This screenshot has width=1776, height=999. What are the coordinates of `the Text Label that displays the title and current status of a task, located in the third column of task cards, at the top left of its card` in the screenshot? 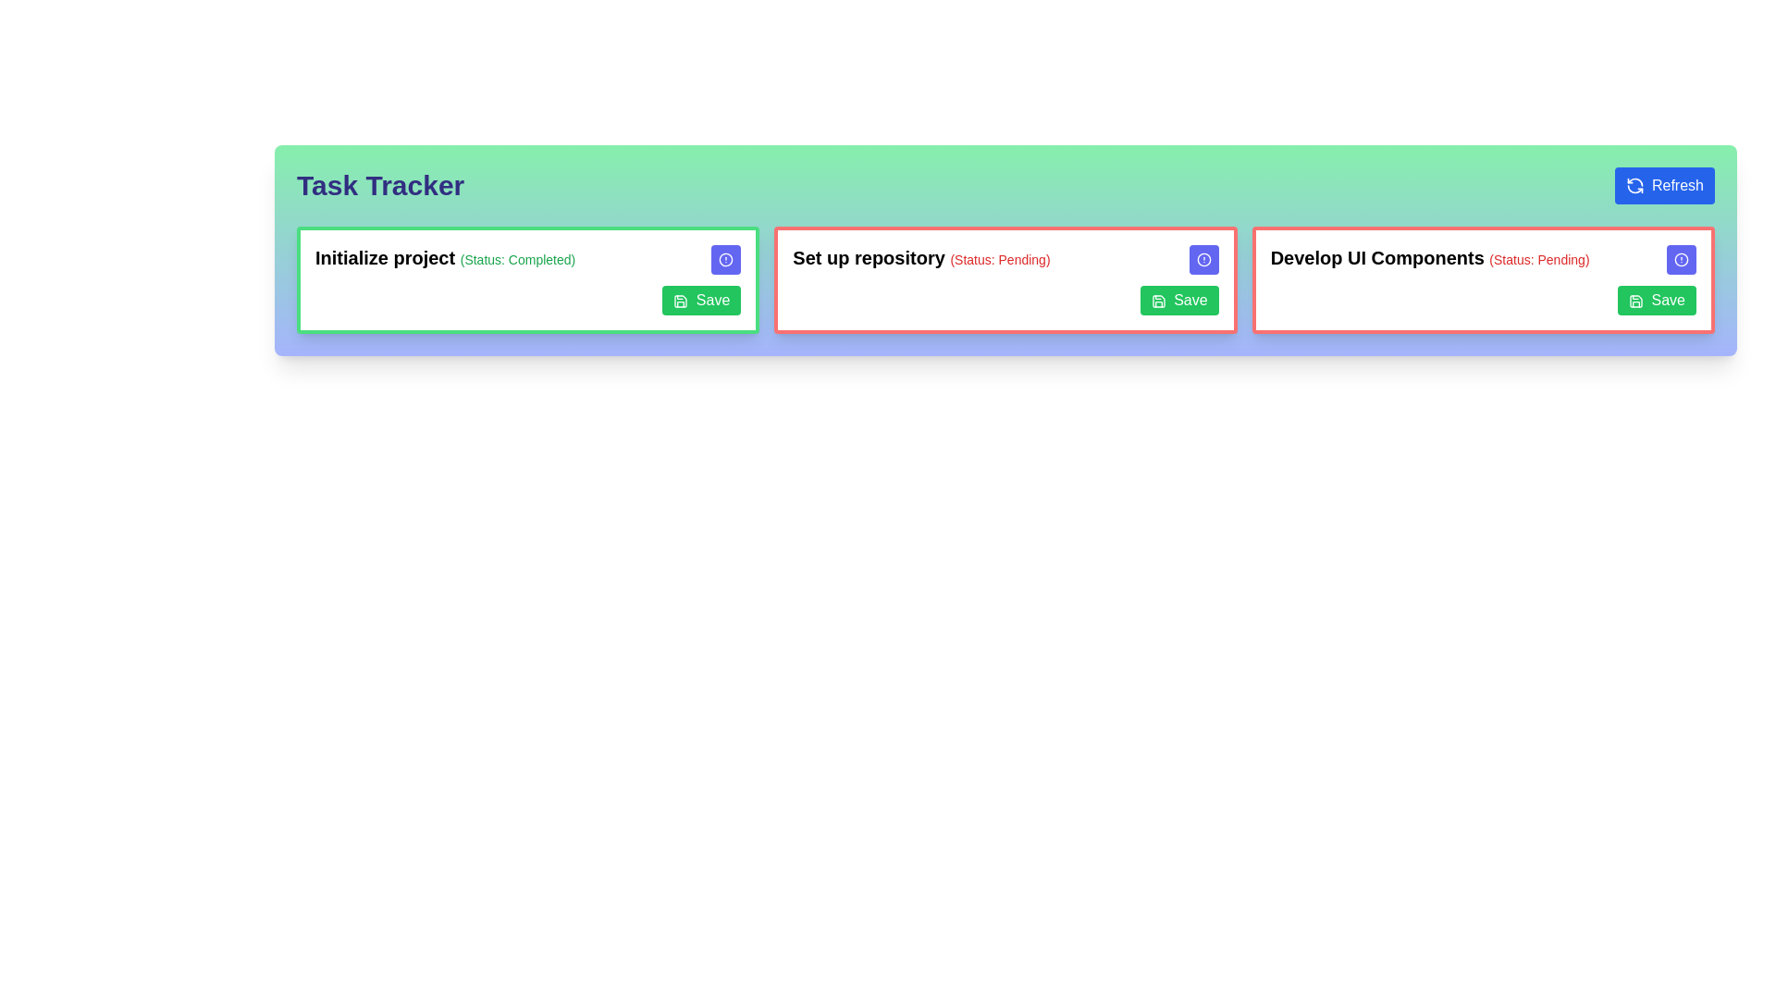 It's located at (1483, 260).